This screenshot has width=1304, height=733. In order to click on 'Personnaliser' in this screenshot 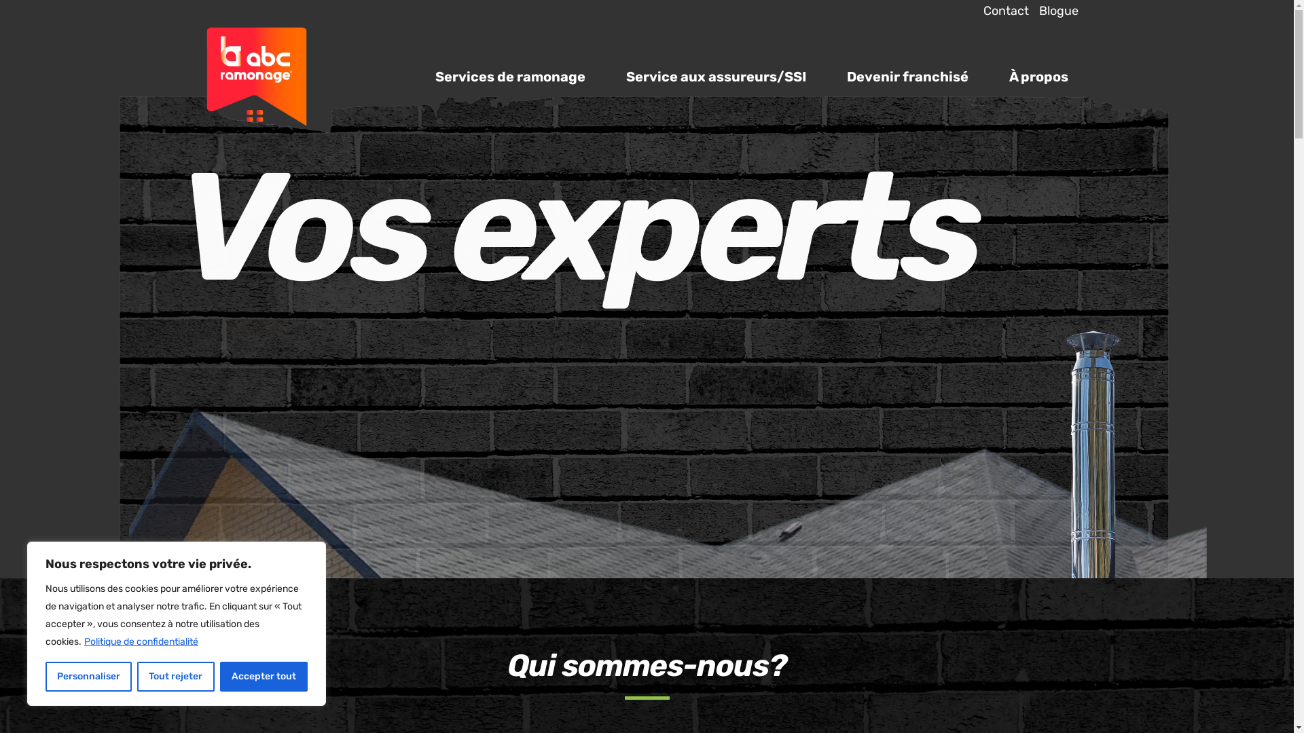, I will do `click(88, 676)`.